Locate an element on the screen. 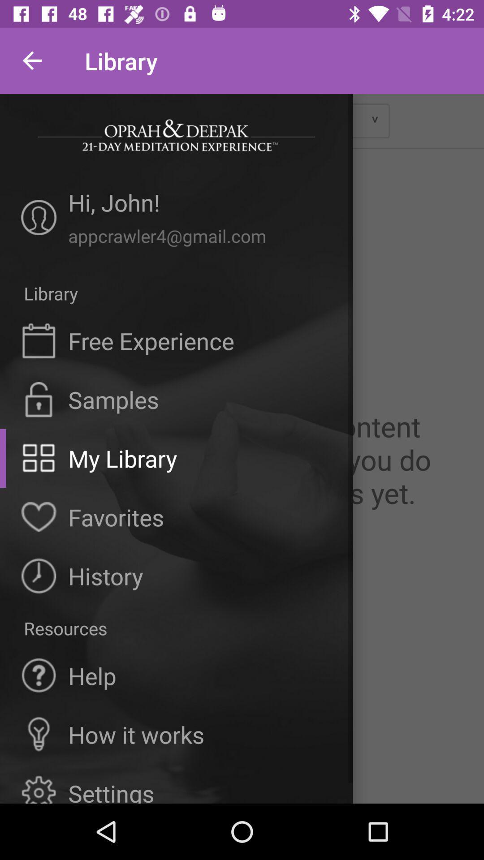 The image size is (484, 860). the help icon is located at coordinates (92, 675).